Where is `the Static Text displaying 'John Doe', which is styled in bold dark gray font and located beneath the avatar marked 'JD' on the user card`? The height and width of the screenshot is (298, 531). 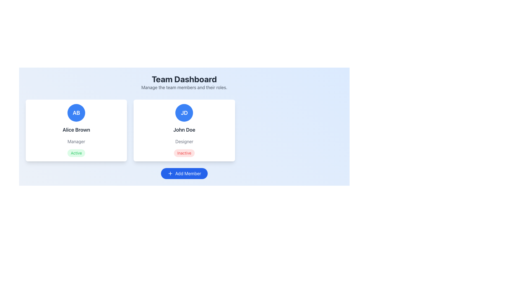
the Static Text displaying 'John Doe', which is styled in bold dark gray font and located beneath the avatar marked 'JD' on the user card is located at coordinates (184, 130).